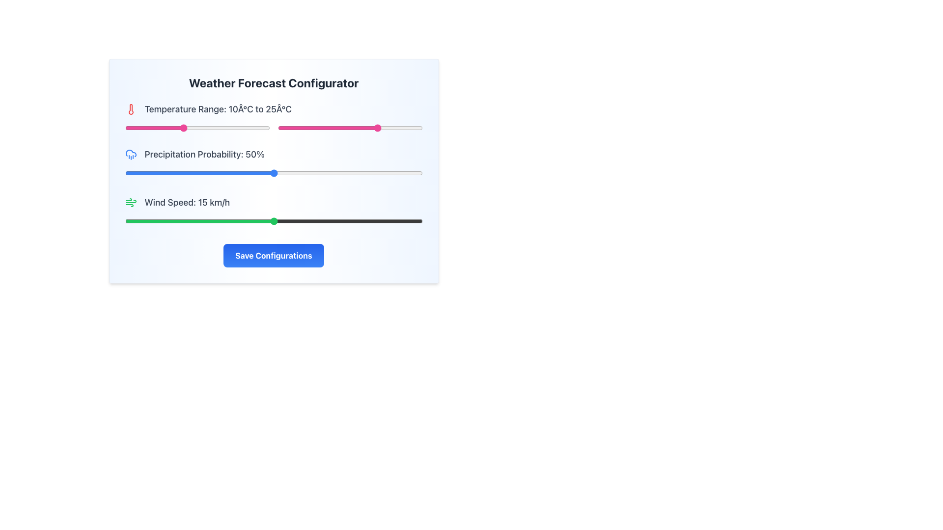  What do you see at coordinates (333, 221) in the screenshot?
I see `the wind speed` at bounding box center [333, 221].